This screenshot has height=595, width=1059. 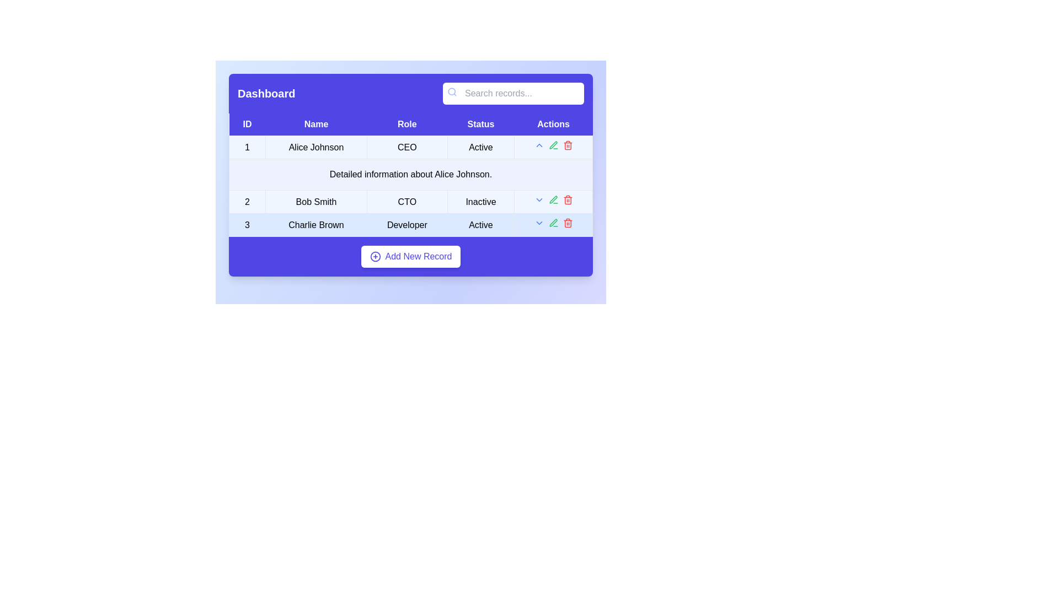 I want to click on the static text element displaying 'CEO' in bold, black font, located in the first row under the 'Role' column of the data table, so click(x=407, y=147).